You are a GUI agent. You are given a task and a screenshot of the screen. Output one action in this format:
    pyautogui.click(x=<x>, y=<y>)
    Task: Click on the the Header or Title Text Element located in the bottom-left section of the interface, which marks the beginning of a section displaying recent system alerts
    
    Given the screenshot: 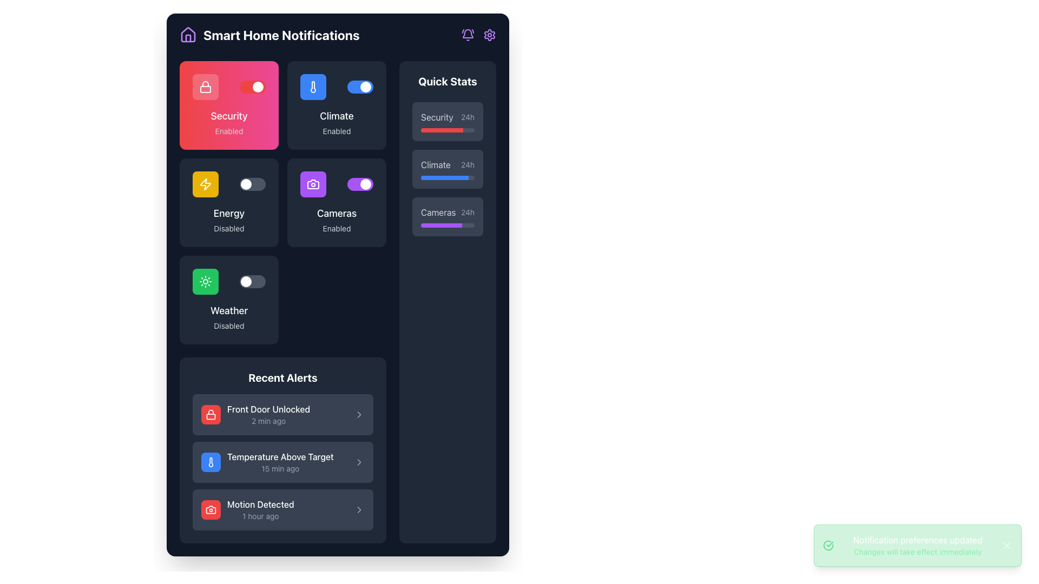 What is the action you would take?
    pyautogui.click(x=283, y=377)
    